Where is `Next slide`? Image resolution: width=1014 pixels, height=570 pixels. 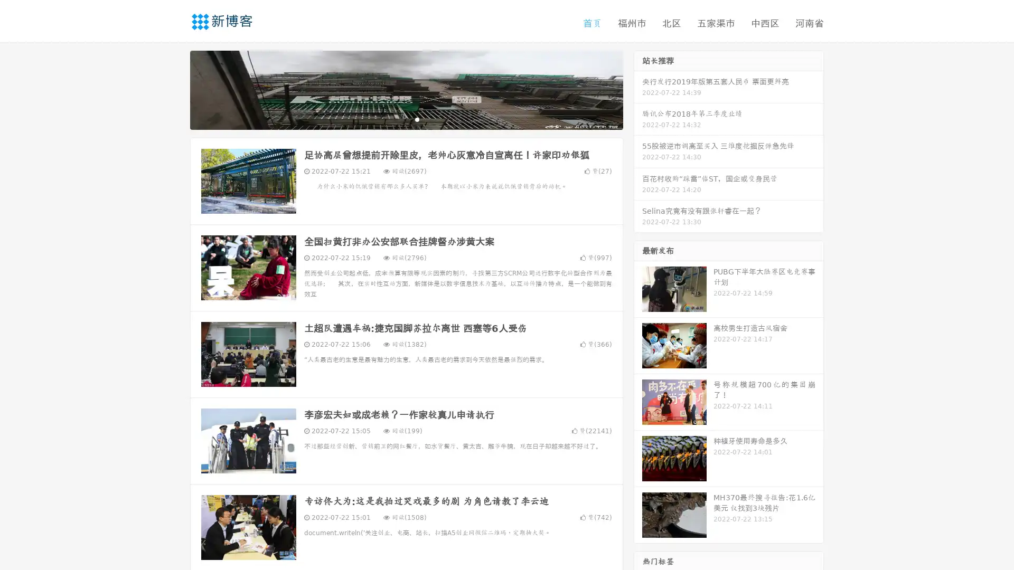 Next slide is located at coordinates (638, 89).